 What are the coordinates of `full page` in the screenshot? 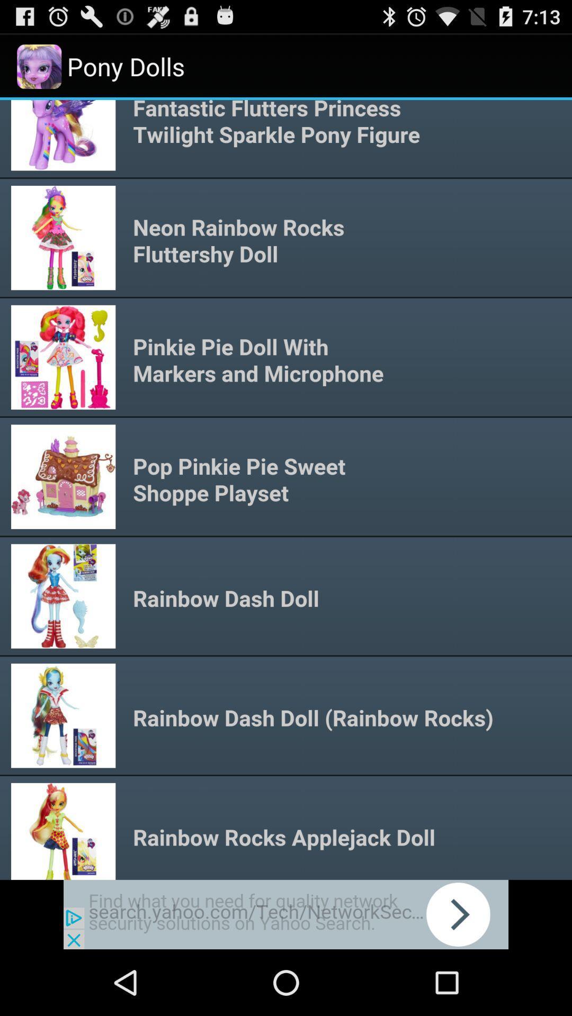 It's located at (286, 489).